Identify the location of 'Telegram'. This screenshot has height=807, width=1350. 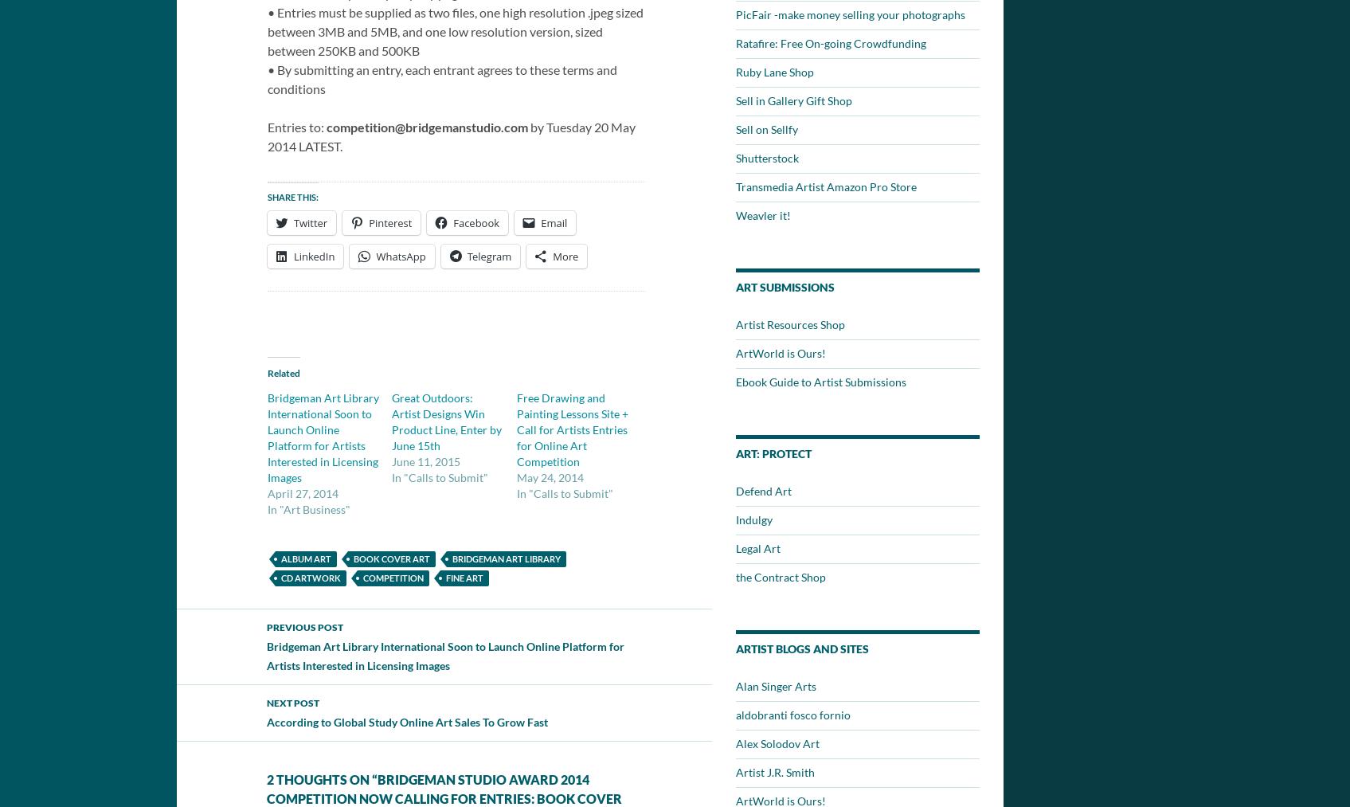
(466, 257).